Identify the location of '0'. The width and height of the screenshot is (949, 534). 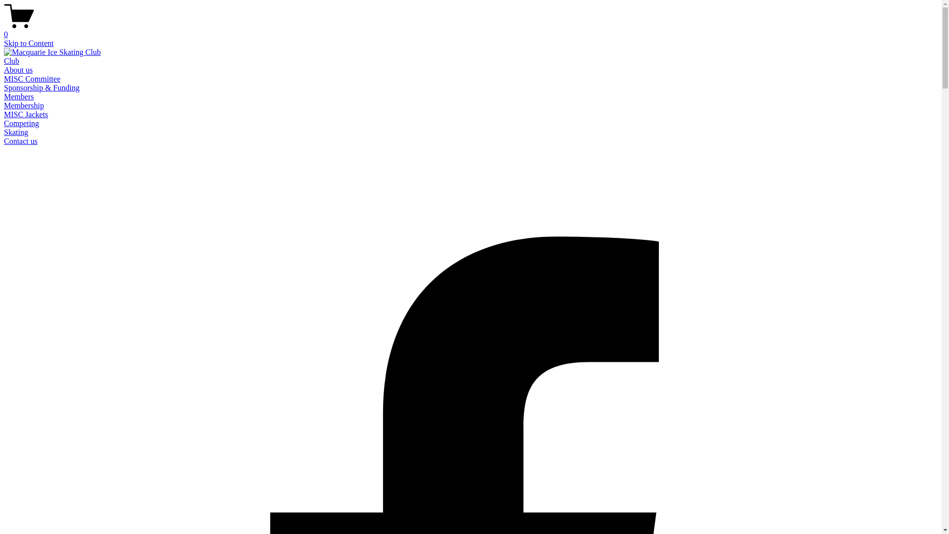
(4, 30).